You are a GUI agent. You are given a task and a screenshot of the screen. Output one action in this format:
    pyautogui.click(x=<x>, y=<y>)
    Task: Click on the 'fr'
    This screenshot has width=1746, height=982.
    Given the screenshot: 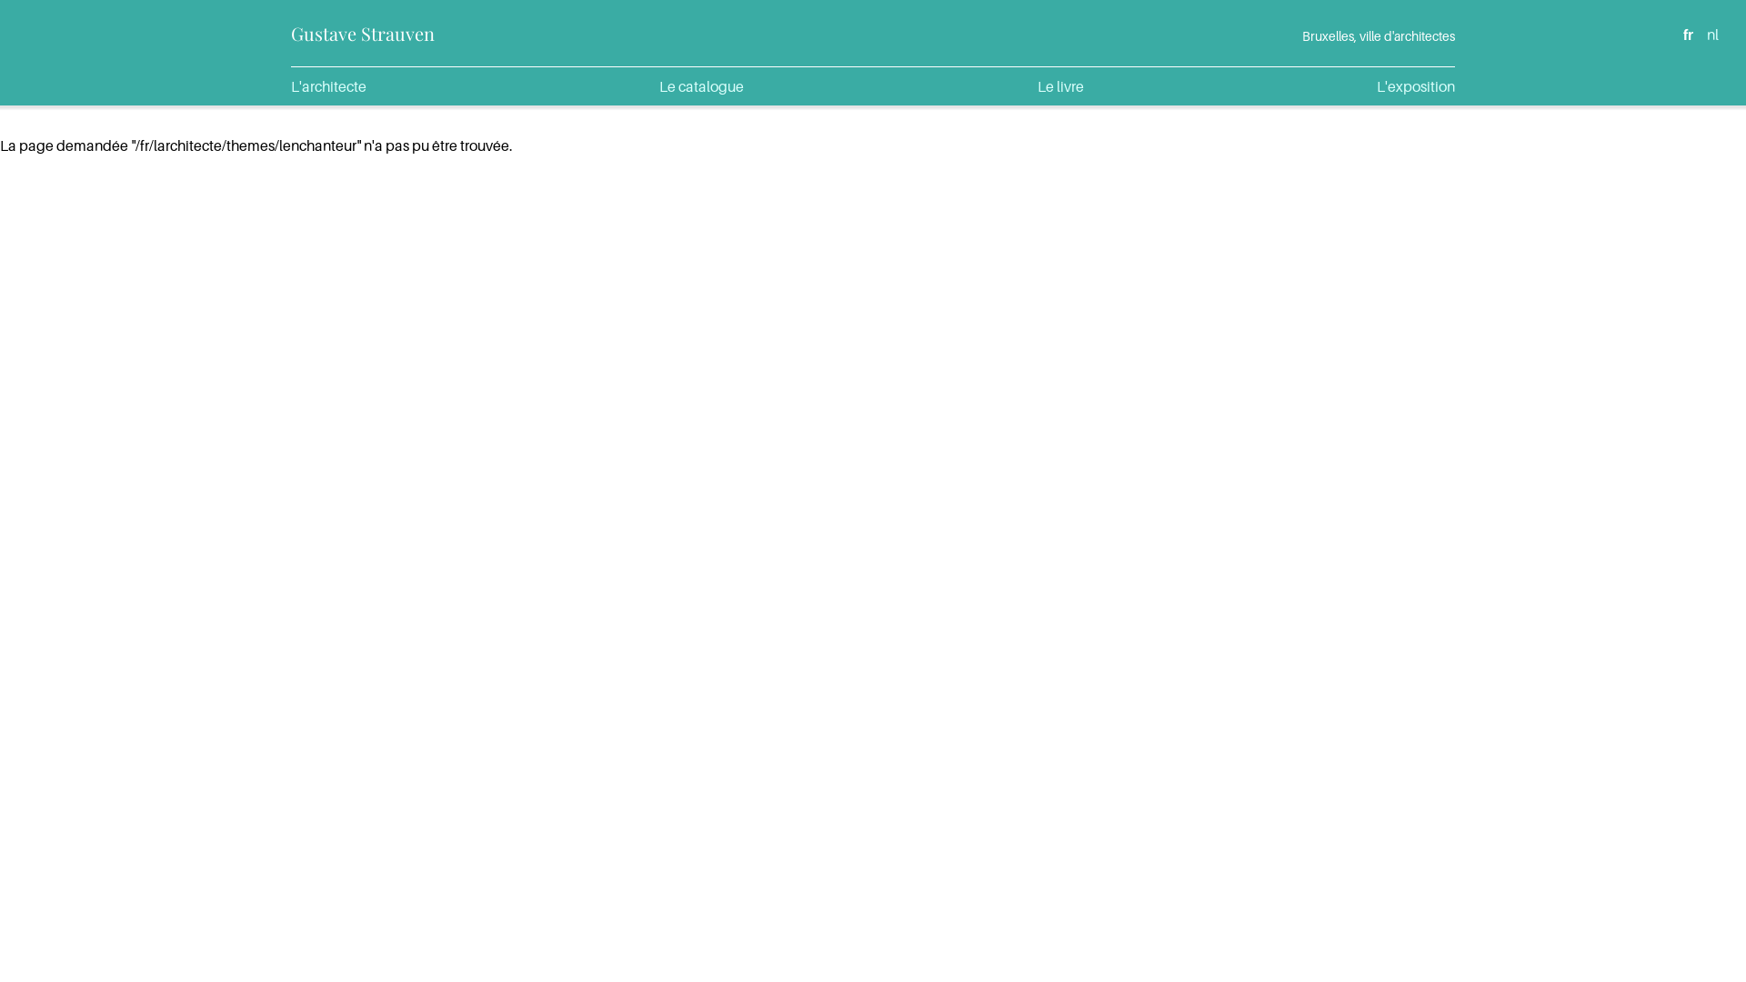 What is the action you would take?
    pyautogui.click(x=1687, y=35)
    